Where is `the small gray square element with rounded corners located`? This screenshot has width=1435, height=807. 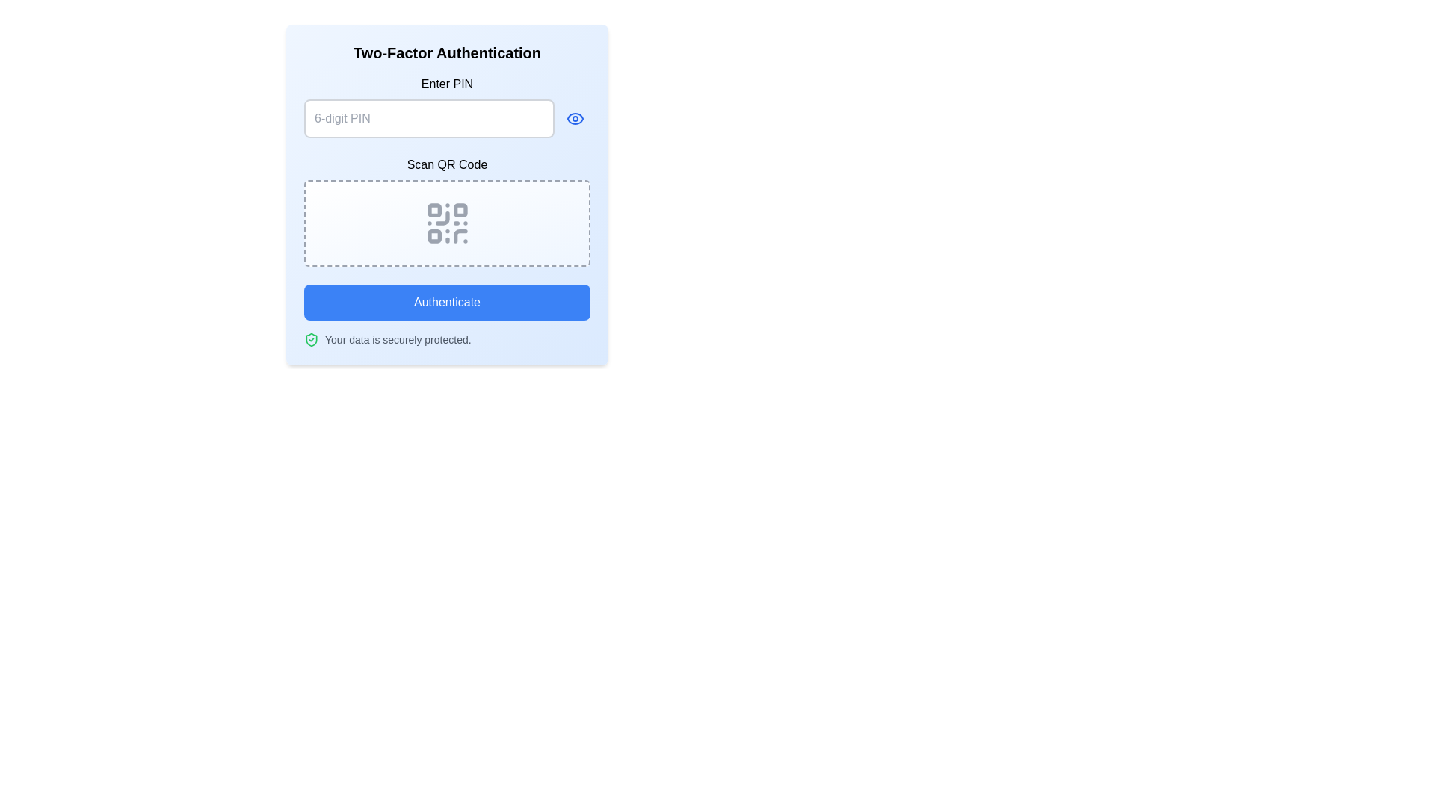 the small gray square element with rounded corners located is located at coordinates (433, 235).